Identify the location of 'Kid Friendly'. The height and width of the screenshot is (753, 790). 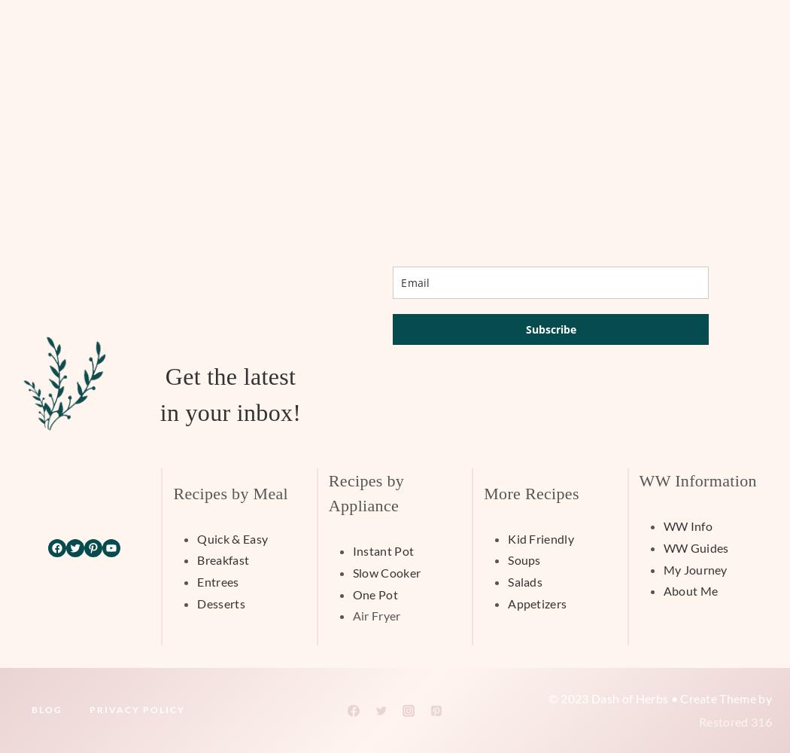
(540, 537).